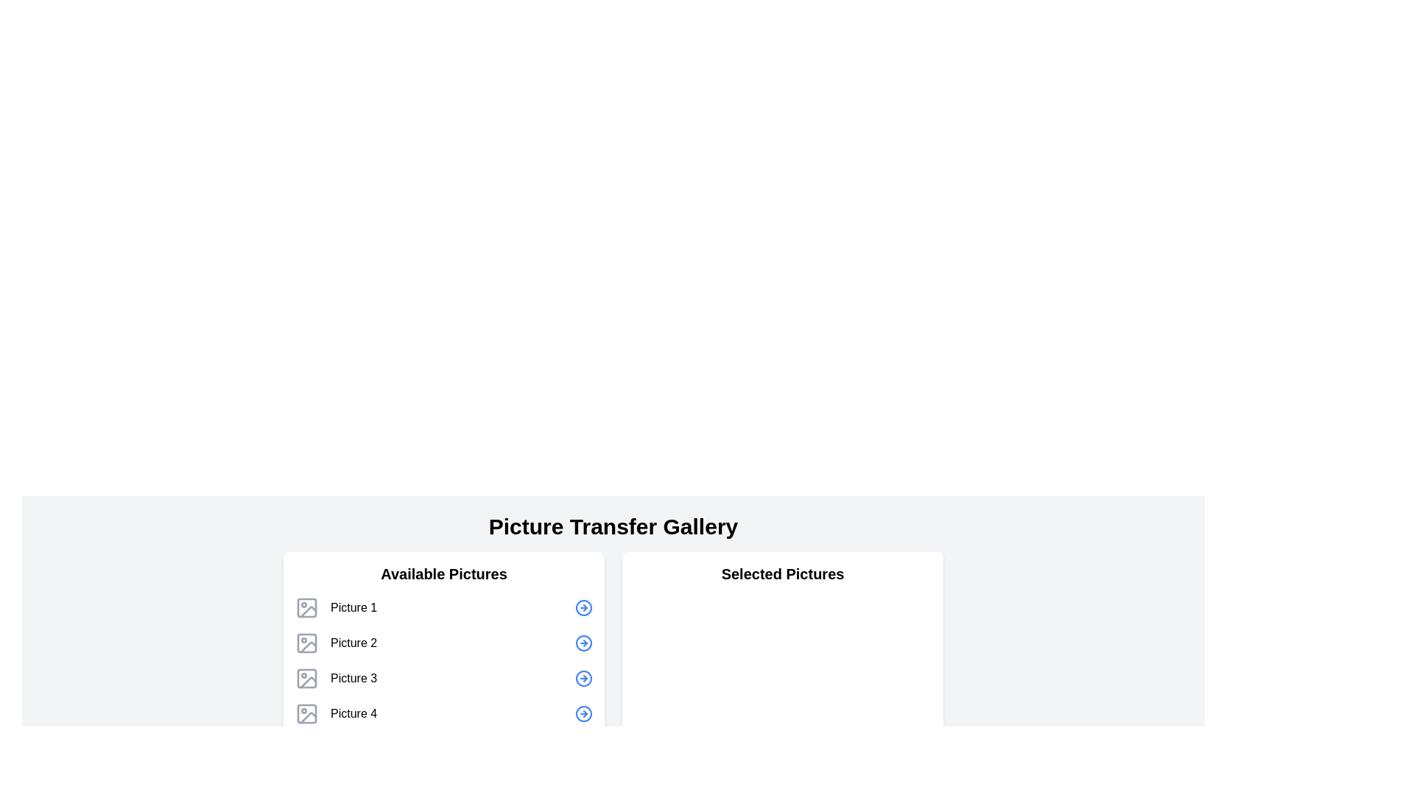 The width and height of the screenshot is (1414, 795). I want to click on the Text element that identifies the first image in the 'Available Pictures' list, located to the right of the image icon, so click(353, 607).